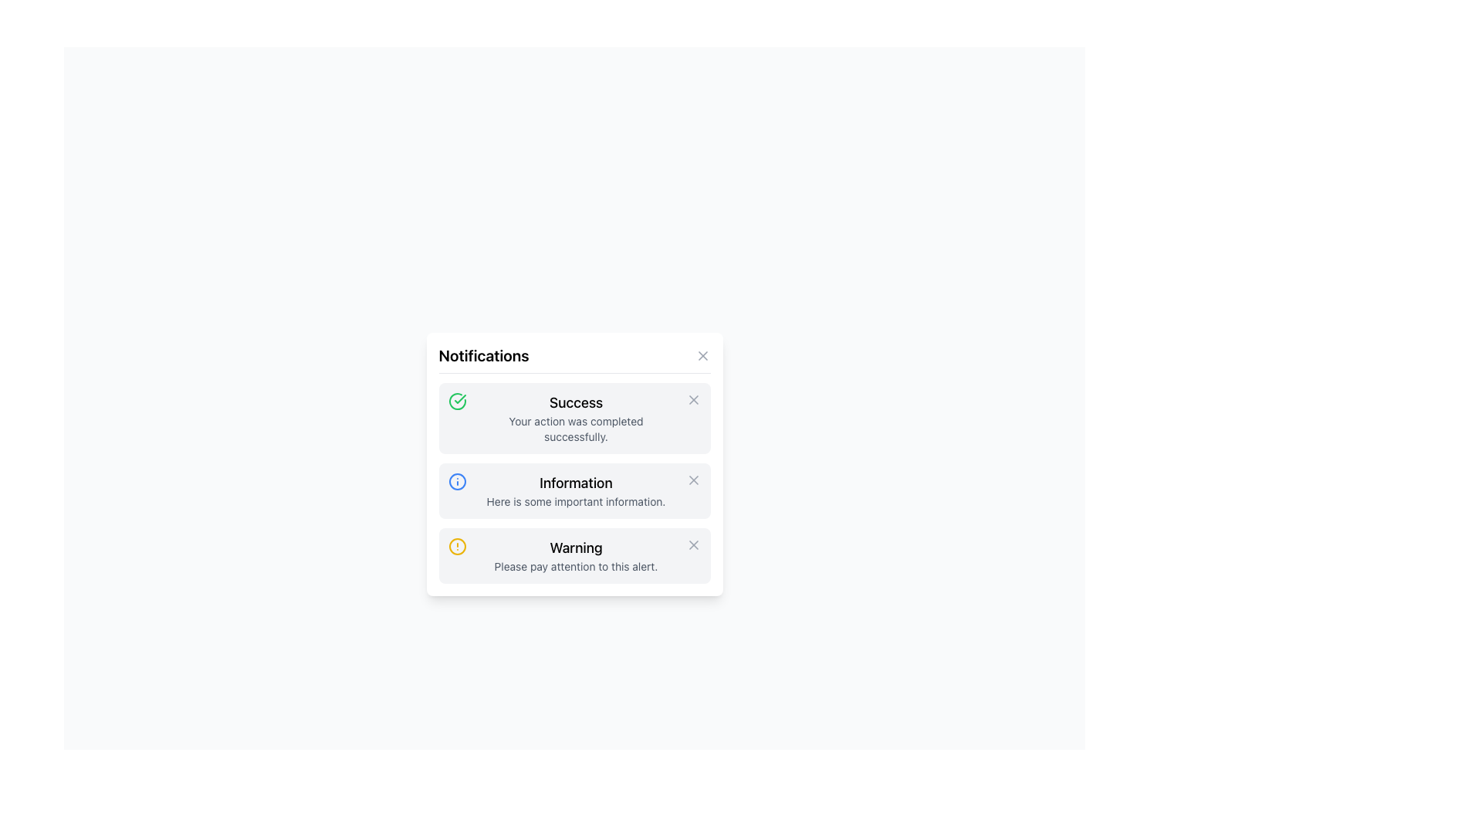 This screenshot has width=1482, height=834. I want to click on the 'Information' text label, which is a bold, larger font heading located at the top of the notification block, so click(575, 482).